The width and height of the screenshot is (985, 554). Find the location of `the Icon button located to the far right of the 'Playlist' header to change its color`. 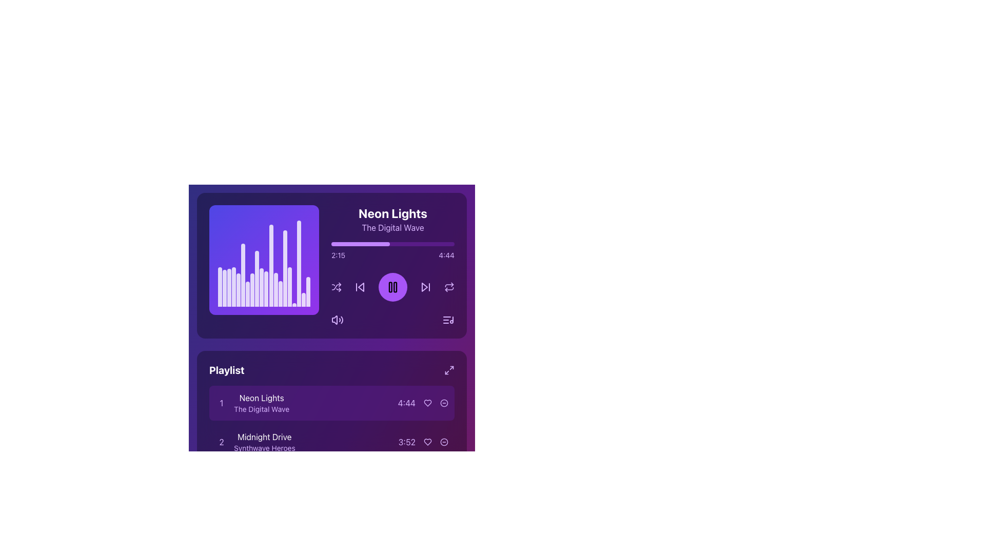

the Icon button located to the far right of the 'Playlist' header to change its color is located at coordinates (449, 370).